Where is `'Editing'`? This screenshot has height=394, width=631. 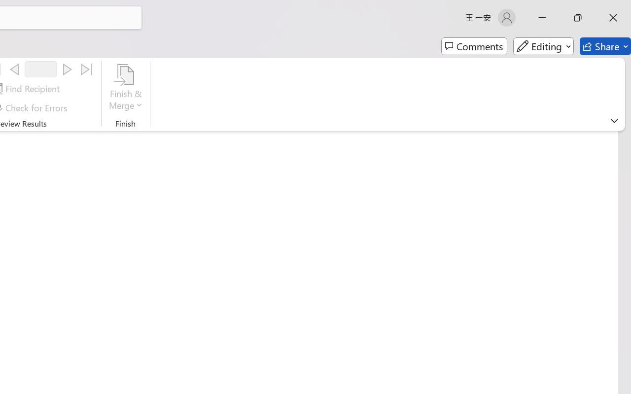 'Editing' is located at coordinates (543, 46).